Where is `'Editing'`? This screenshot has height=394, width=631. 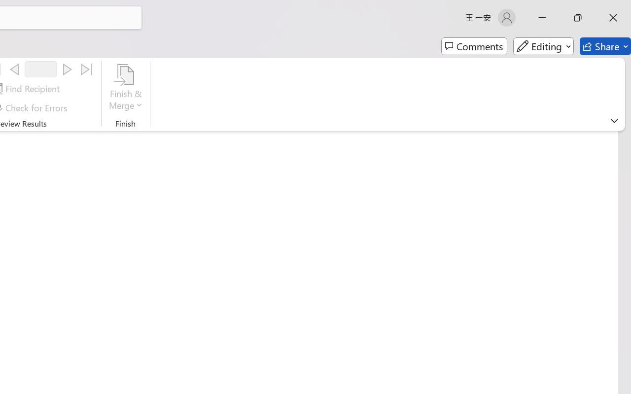 'Editing' is located at coordinates (543, 46).